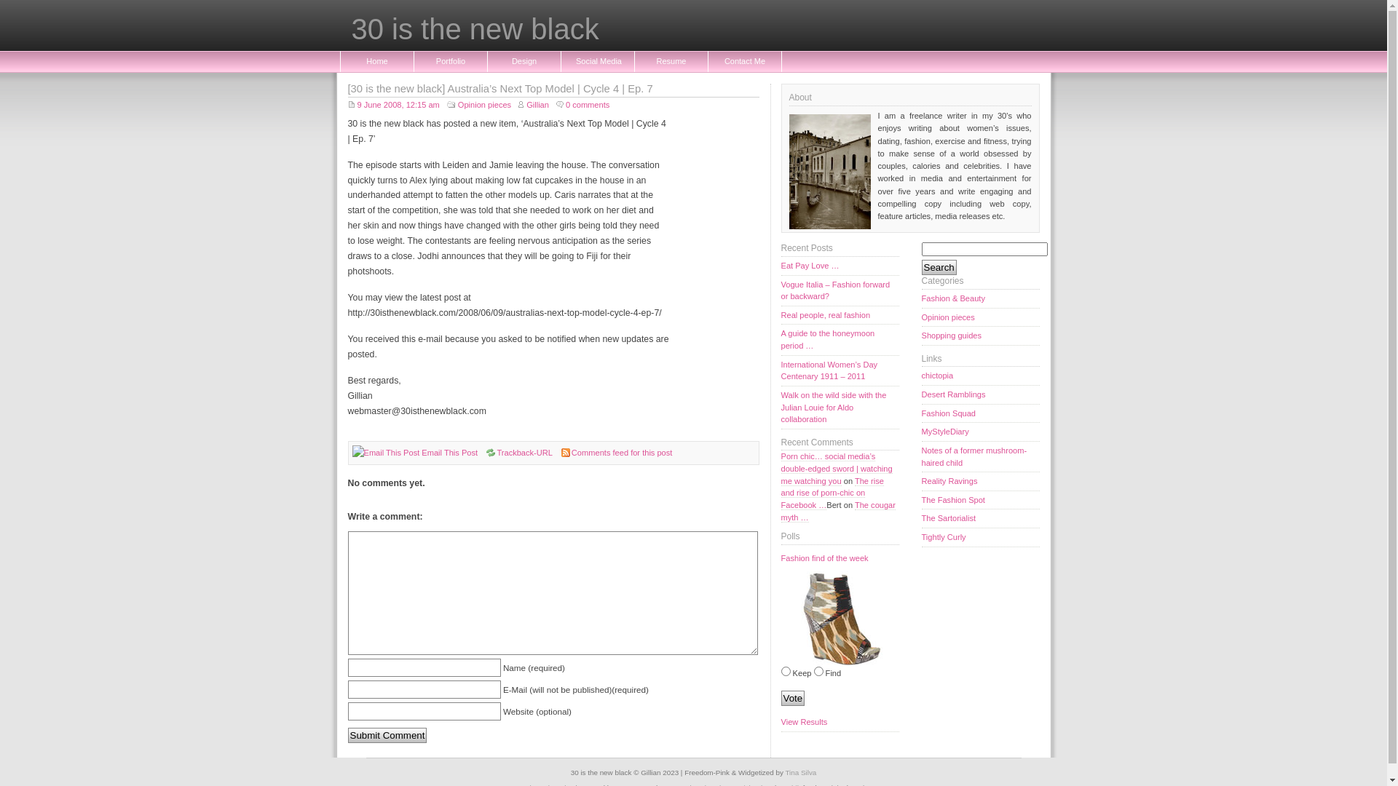 Image resolution: width=1398 pixels, height=786 pixels. What do you see at coordinates (981, 336) in the screenshot?
I see `'Shopping guides'` at bounding box center [981, 336].